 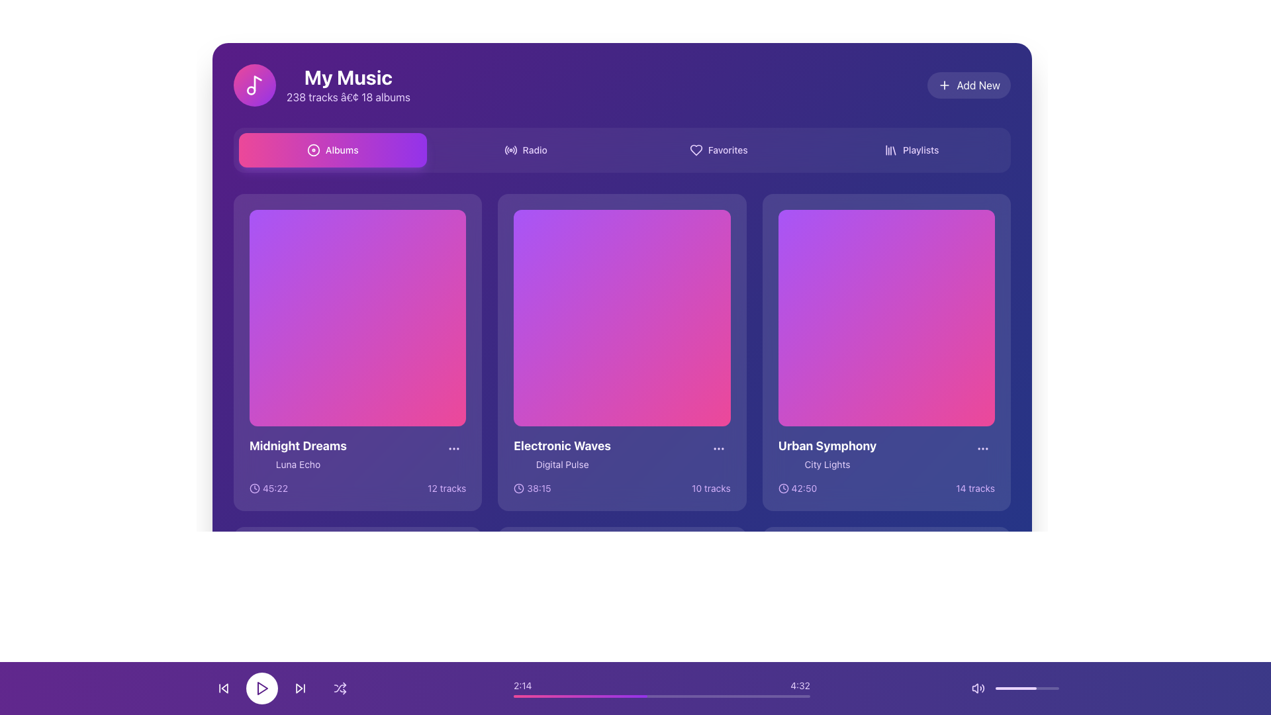 What do you see at coordinates (254, 85) in the screenshot?
I see `the circular graphic icon with a gradient background transitioning from pink to purple, featuring a white music note in its center, located in the top-left corner of the 'My Music' section` at bounding box center [254, 85].